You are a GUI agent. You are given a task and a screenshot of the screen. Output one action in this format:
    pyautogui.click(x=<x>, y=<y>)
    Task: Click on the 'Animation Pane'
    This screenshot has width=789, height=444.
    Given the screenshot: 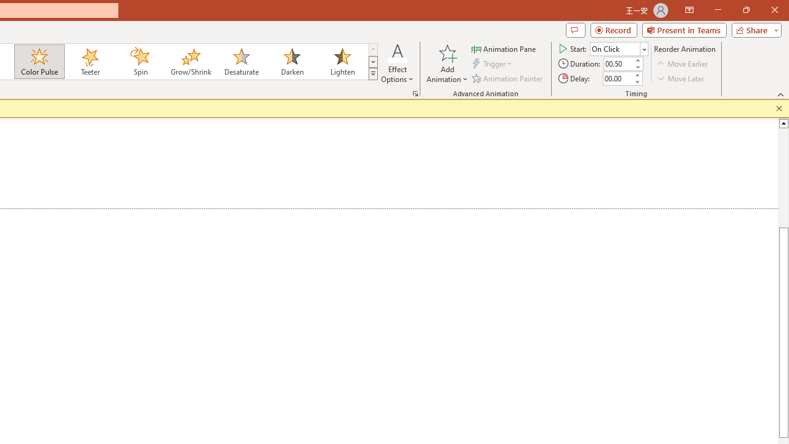 What is the action you would take?
    pyautogui.click(x=504, y=48)
    